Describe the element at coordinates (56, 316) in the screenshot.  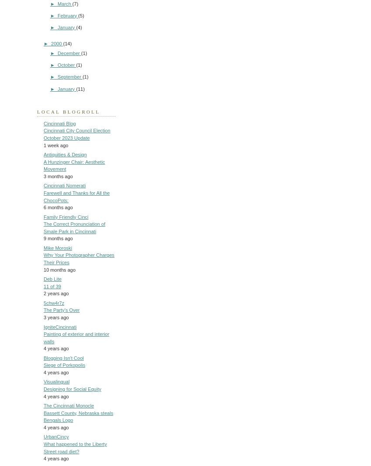
I see `'3 years ago'` at that location.